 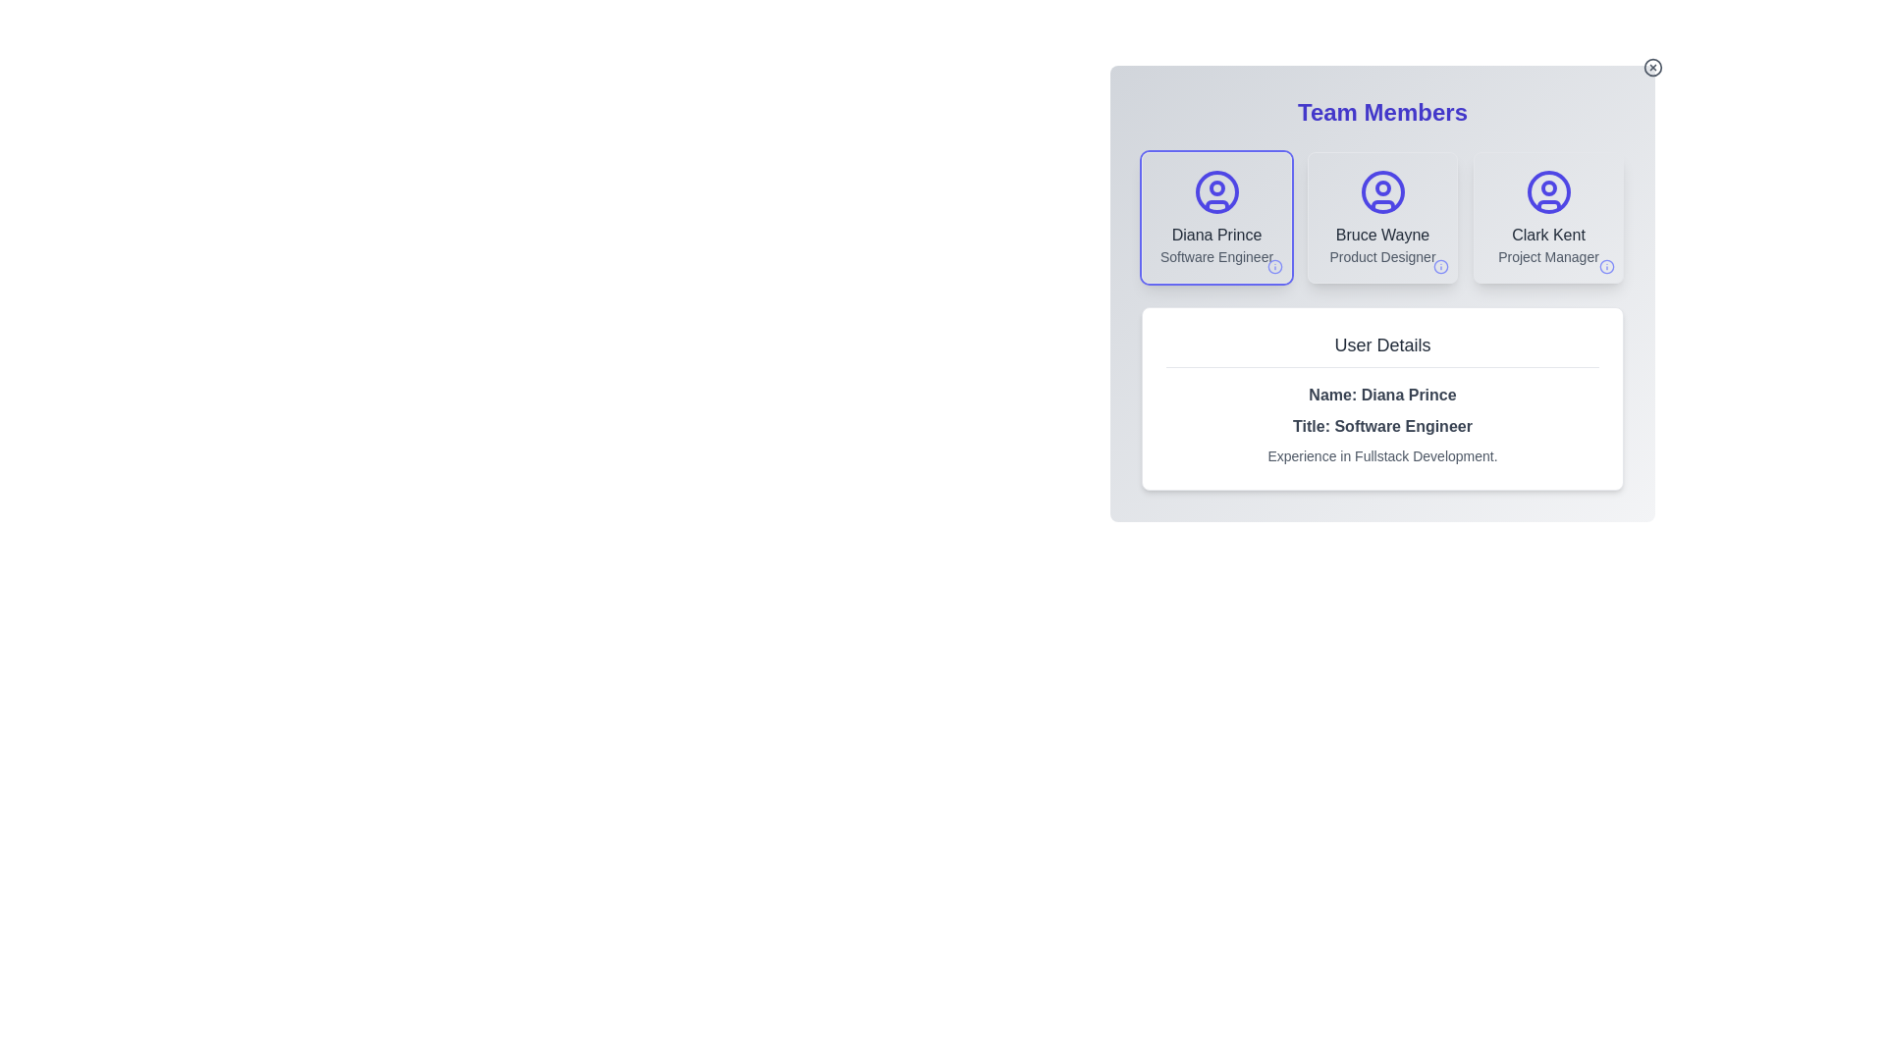 I want to click on the second text label indicating the professional title of the individual, located in the user details section, which follows 'Name: Diana Prince' and precedes 'Experience in Fullstack Development.', so click(x=1381, y=426).